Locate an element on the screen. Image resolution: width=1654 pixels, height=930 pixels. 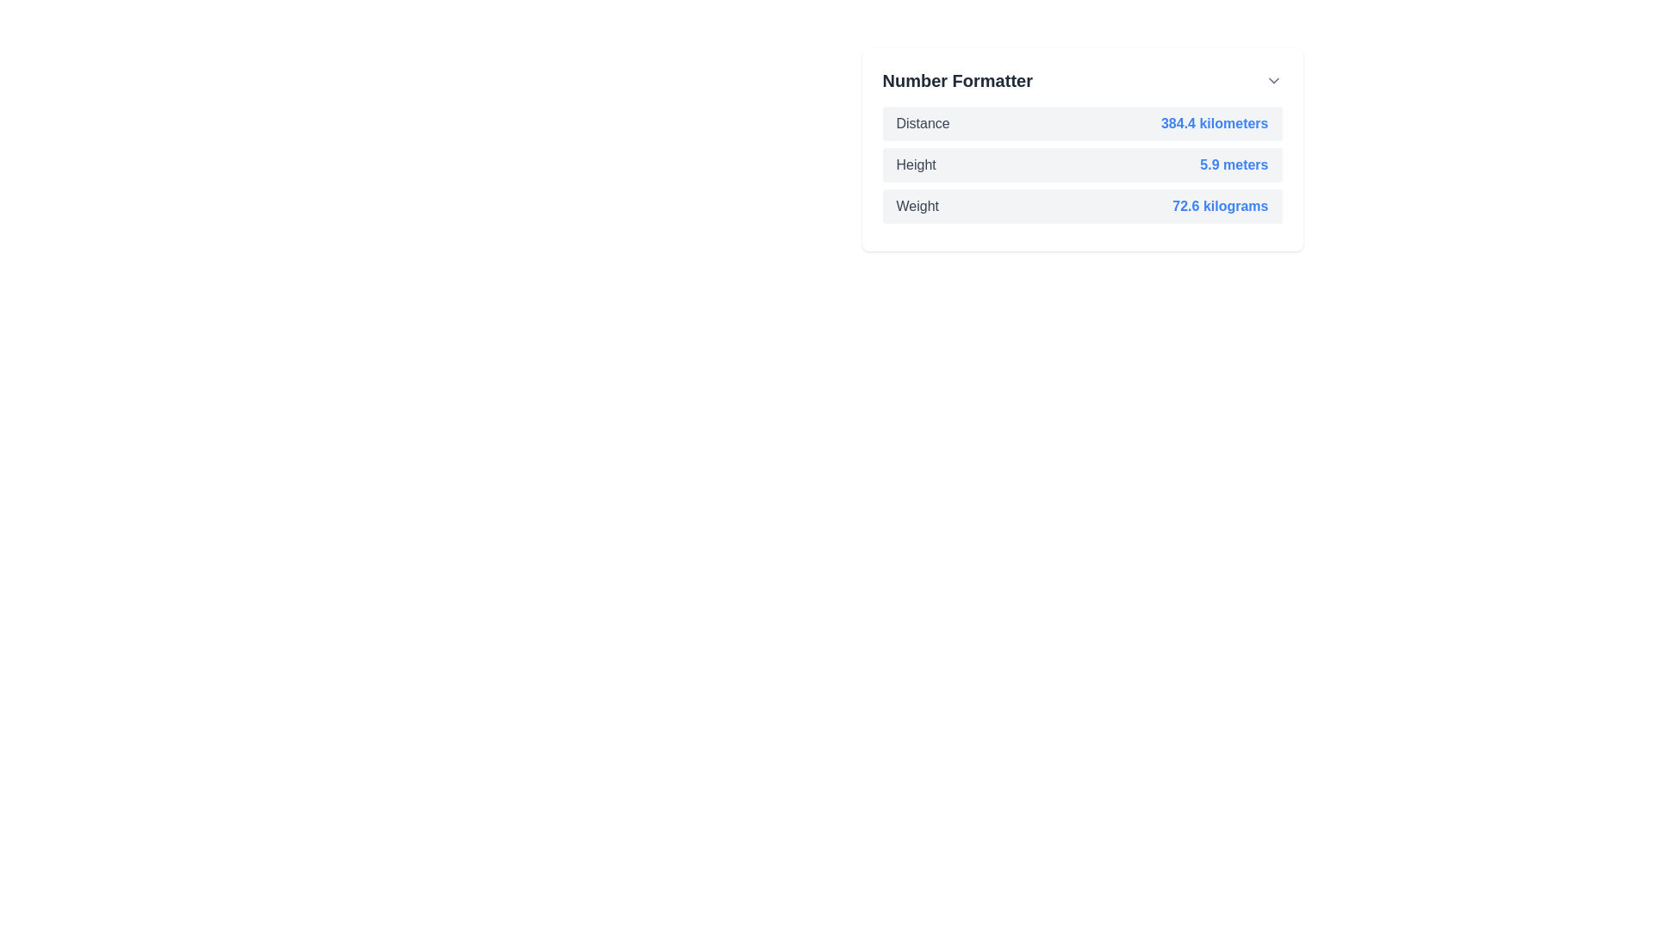
the text label displaying 'Distance' which is styled with a gray font and positioned to the left of the numeric value '384.4 kilometers' in the 'Number Formatter' section is located at coordinates (922, 122).